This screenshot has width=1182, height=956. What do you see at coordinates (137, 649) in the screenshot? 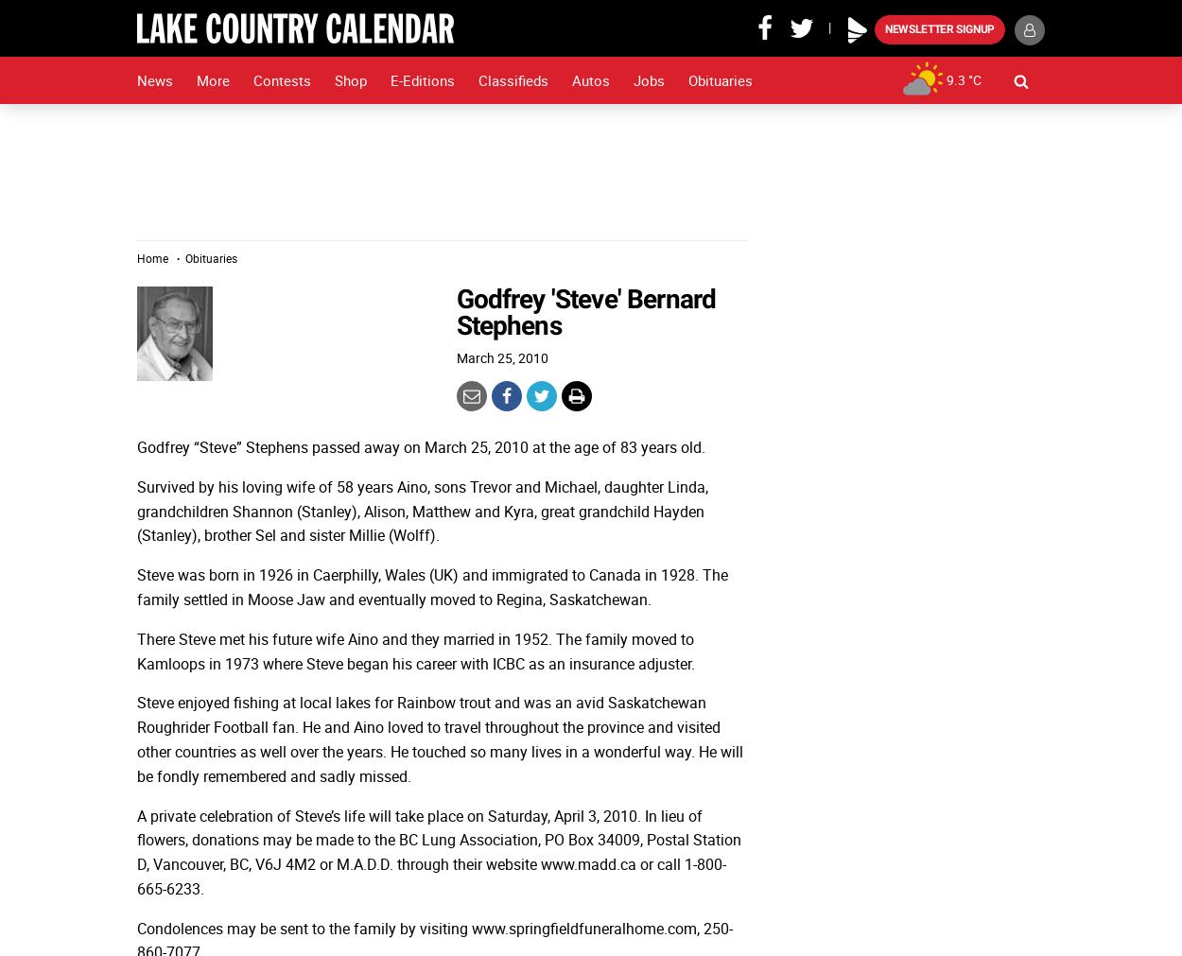
I see `'There Steve met his future wife Aino and they married in 1952. The family moved to Kamloops in 1973 where Steve began his career with ICBC as an insurance adjuster.'` at bounding box center [137, 649].